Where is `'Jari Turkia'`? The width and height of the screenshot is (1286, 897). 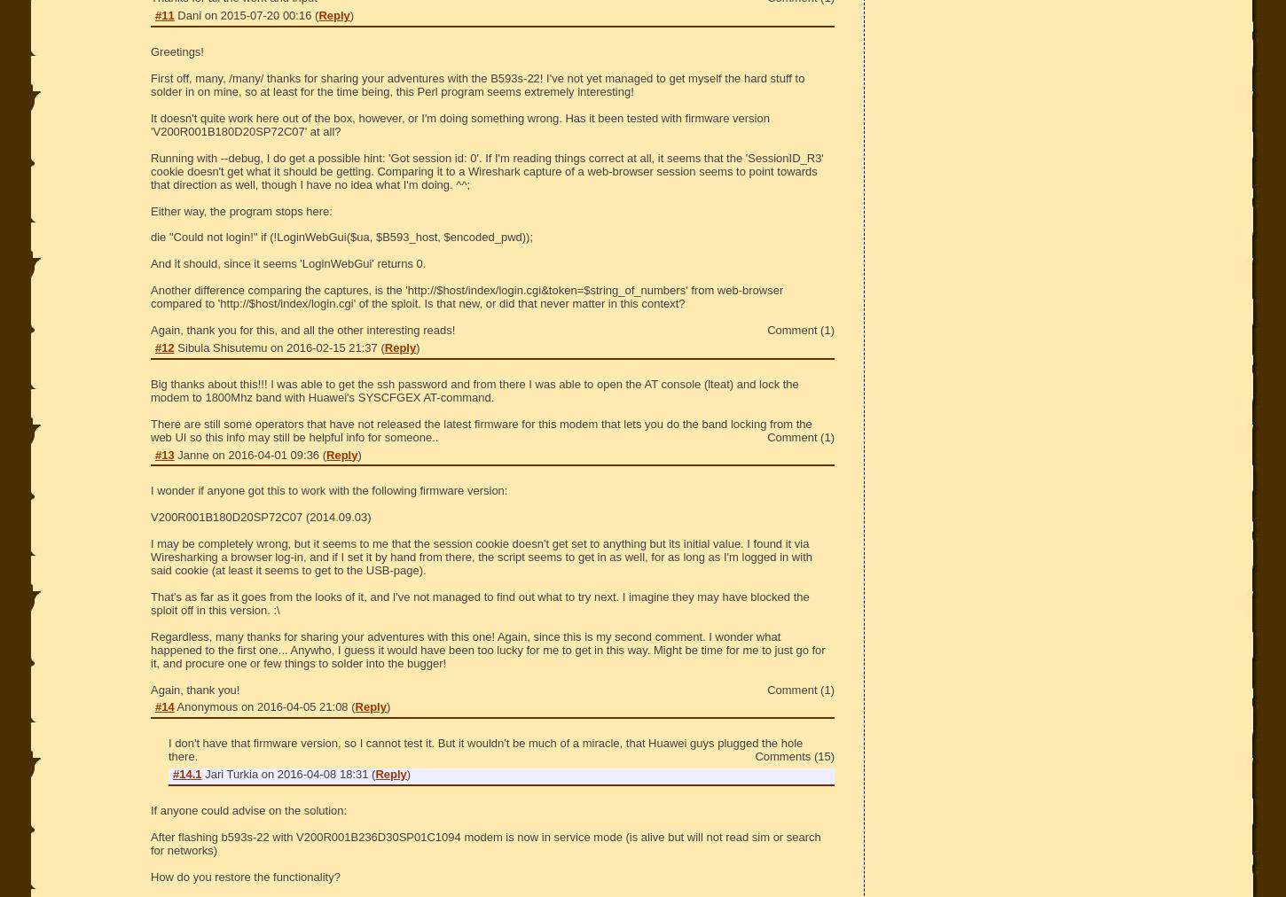
'Jari Turkia' is located at coordinates (203, 773).